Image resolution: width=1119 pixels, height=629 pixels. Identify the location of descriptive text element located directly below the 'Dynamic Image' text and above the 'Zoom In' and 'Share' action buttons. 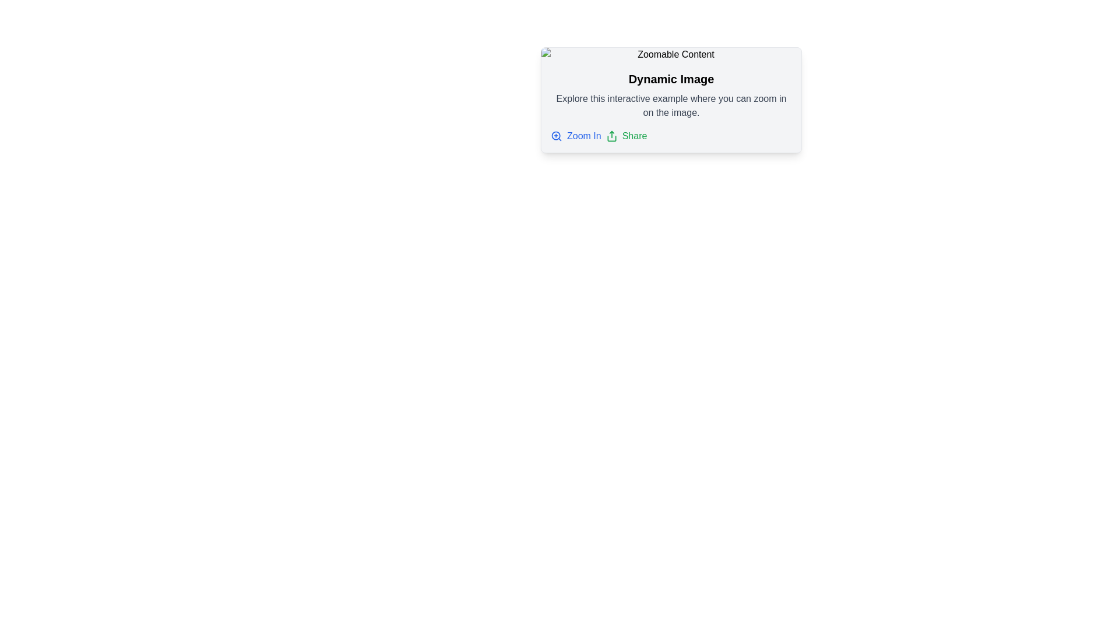
(671, 105).